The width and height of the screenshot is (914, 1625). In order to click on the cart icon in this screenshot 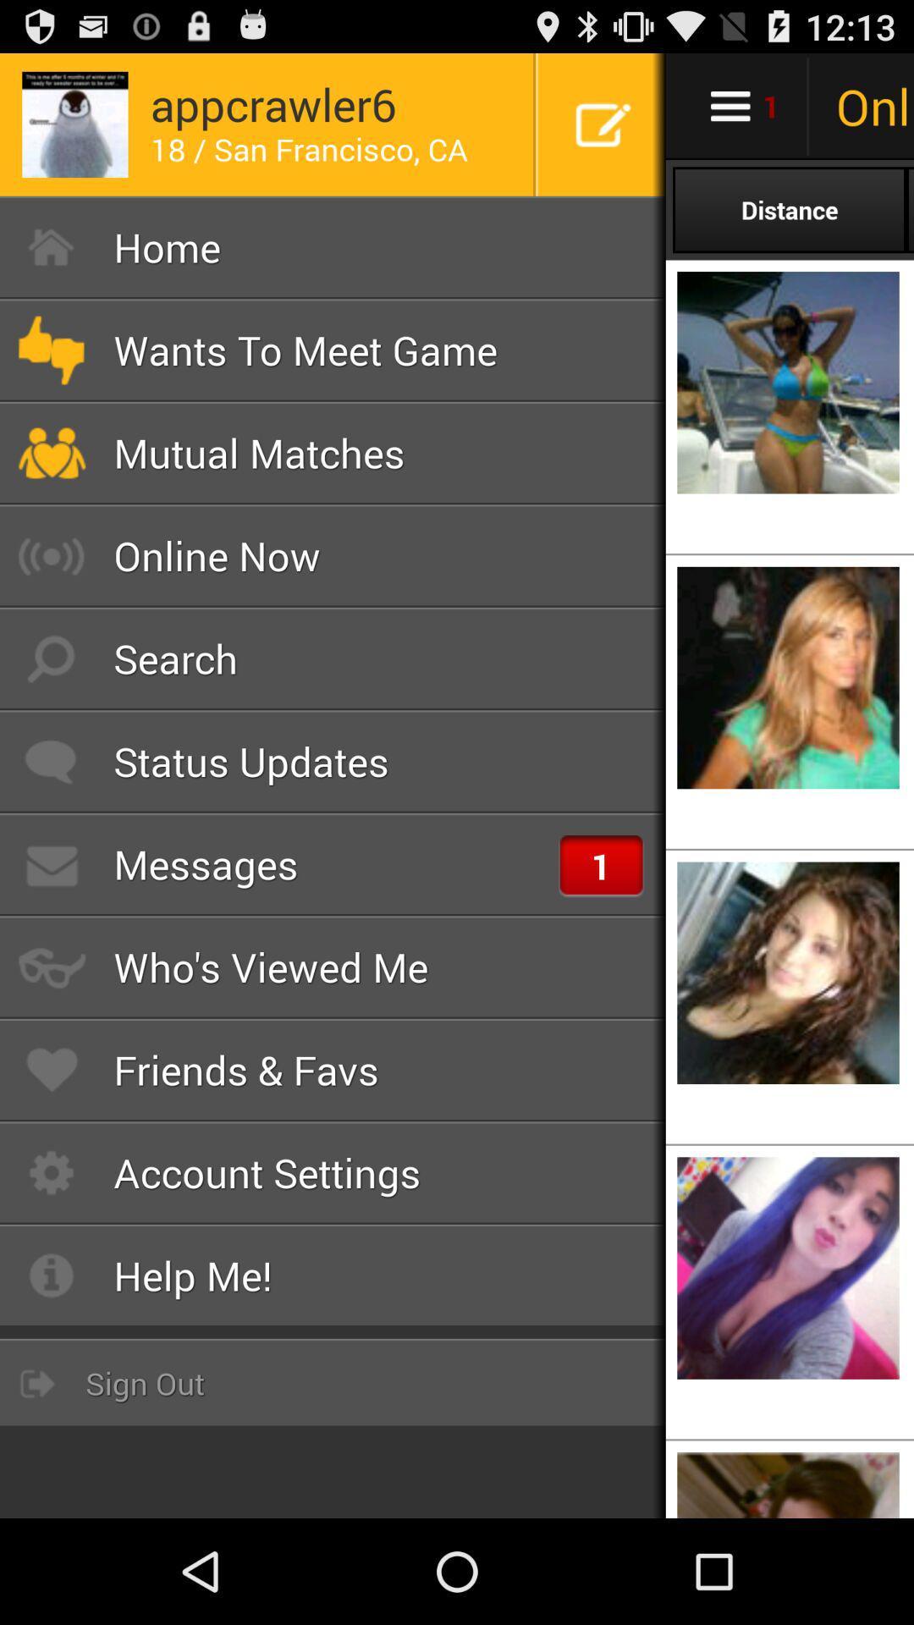, I will do `click(790, 113)`.